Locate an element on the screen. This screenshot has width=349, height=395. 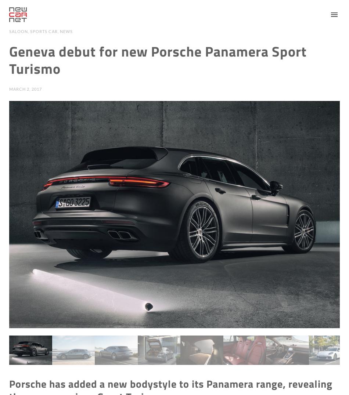
'Advice' is located at coordinates (275, 86).